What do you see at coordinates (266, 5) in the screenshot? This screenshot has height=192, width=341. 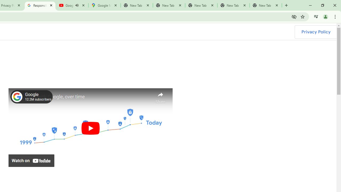 I see `'New Tab'` at bounding box center [266, 5].